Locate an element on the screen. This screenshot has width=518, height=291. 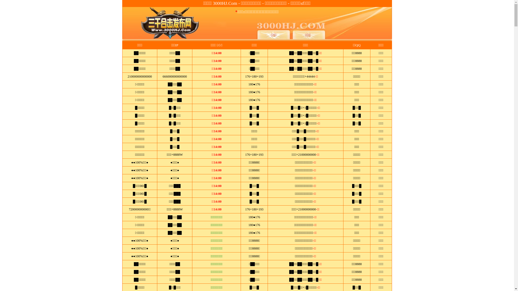
'210000000000000' is located at coordinates (140, 77).